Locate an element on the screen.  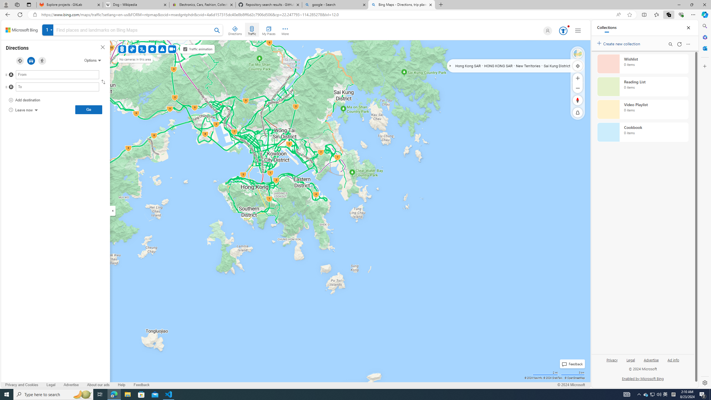
'My Places' is located at coordinates (268, 30).